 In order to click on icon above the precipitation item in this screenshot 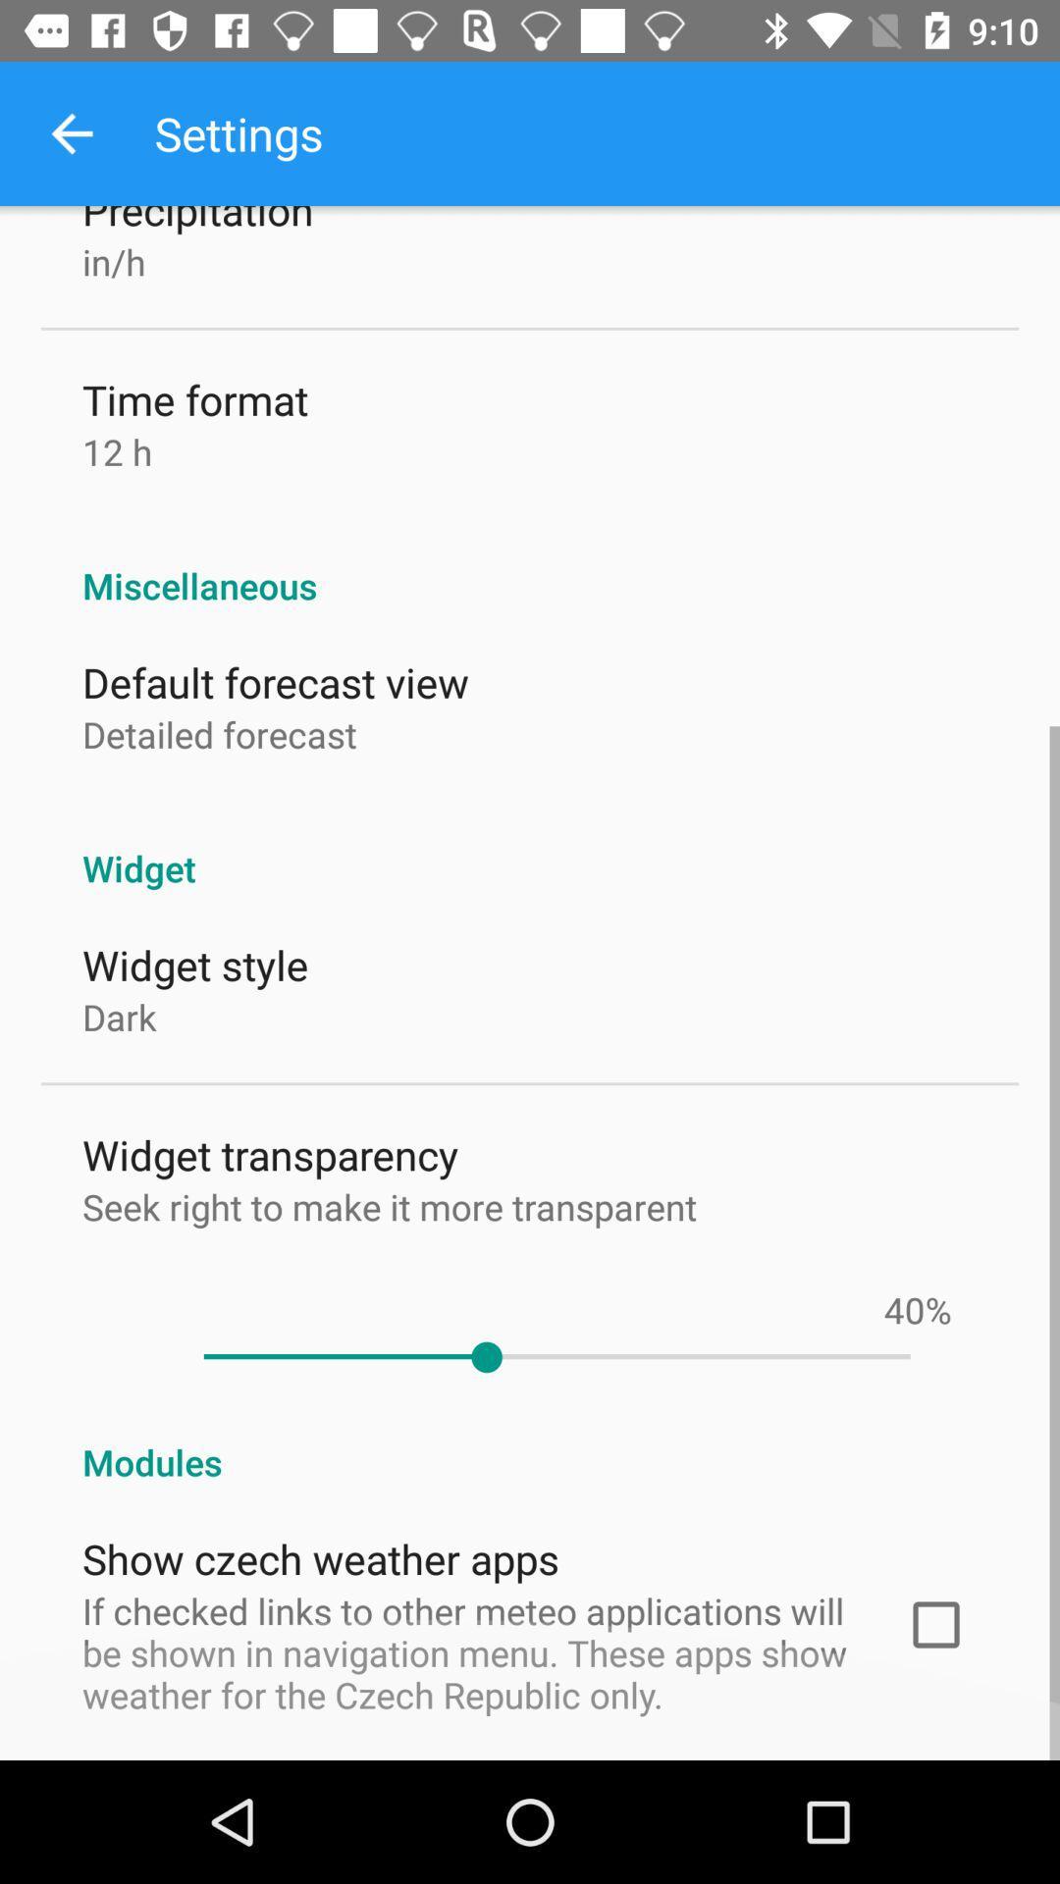, I will do `click(71, 132)`.